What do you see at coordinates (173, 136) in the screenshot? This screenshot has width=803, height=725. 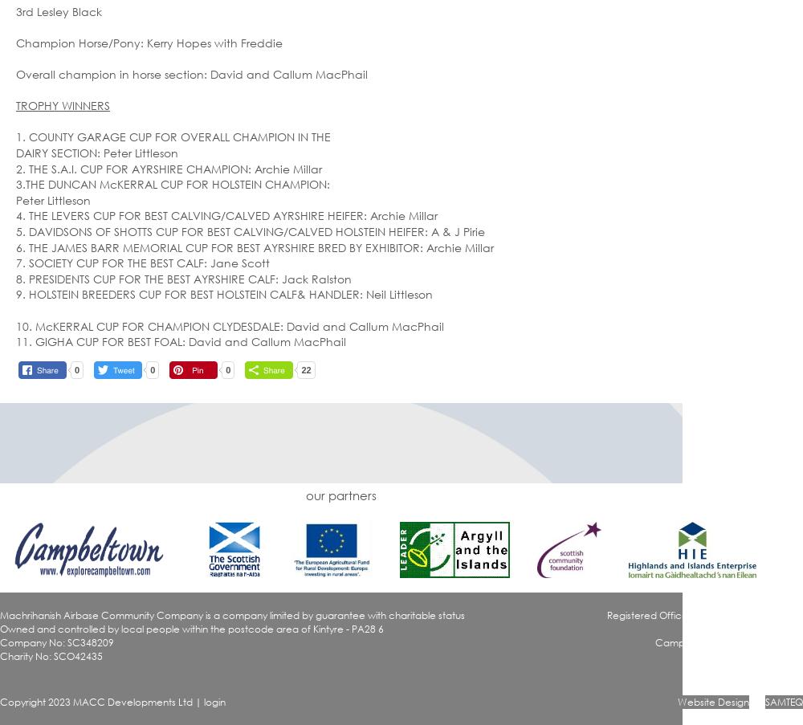 I see `'1. COUNTY GARAGE CUP FOR OVERALL CHAMPION IN THE'` at bounding box center [173, 136].